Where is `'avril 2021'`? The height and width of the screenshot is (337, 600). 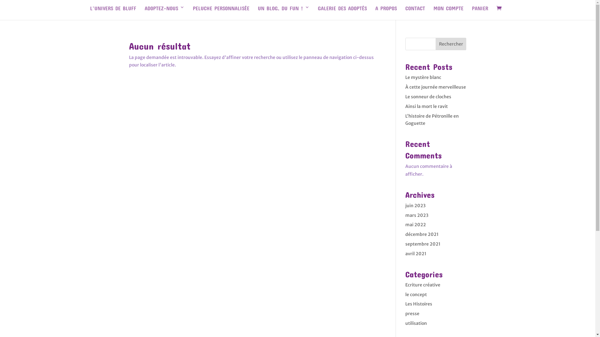
'avril 2021' is located at coordinates (416, 254).